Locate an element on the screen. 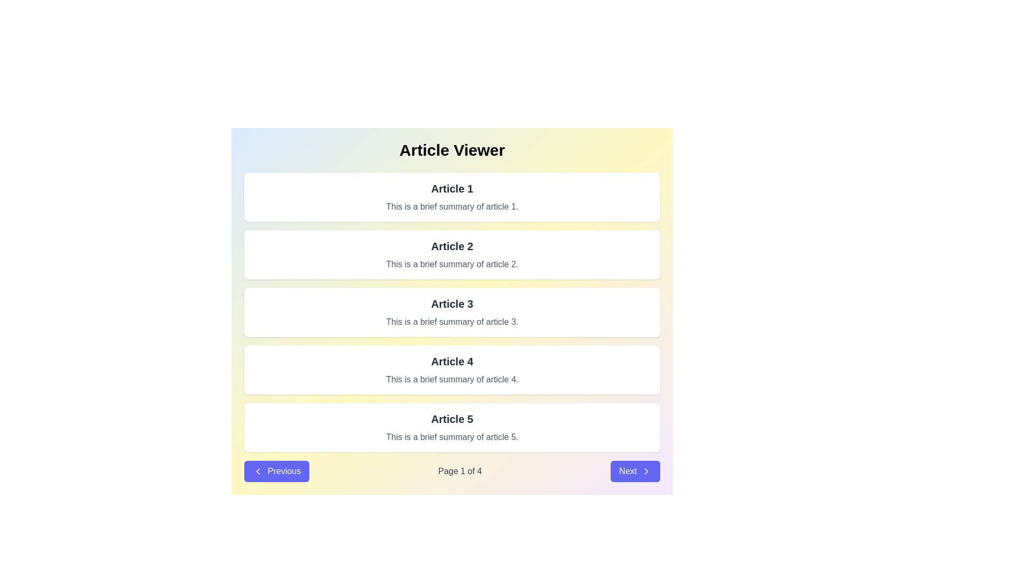  the static display card for 'Article 3', which is the third item in the vertical list under the 'Article Viewer' section is located at coordinates (452, 312).